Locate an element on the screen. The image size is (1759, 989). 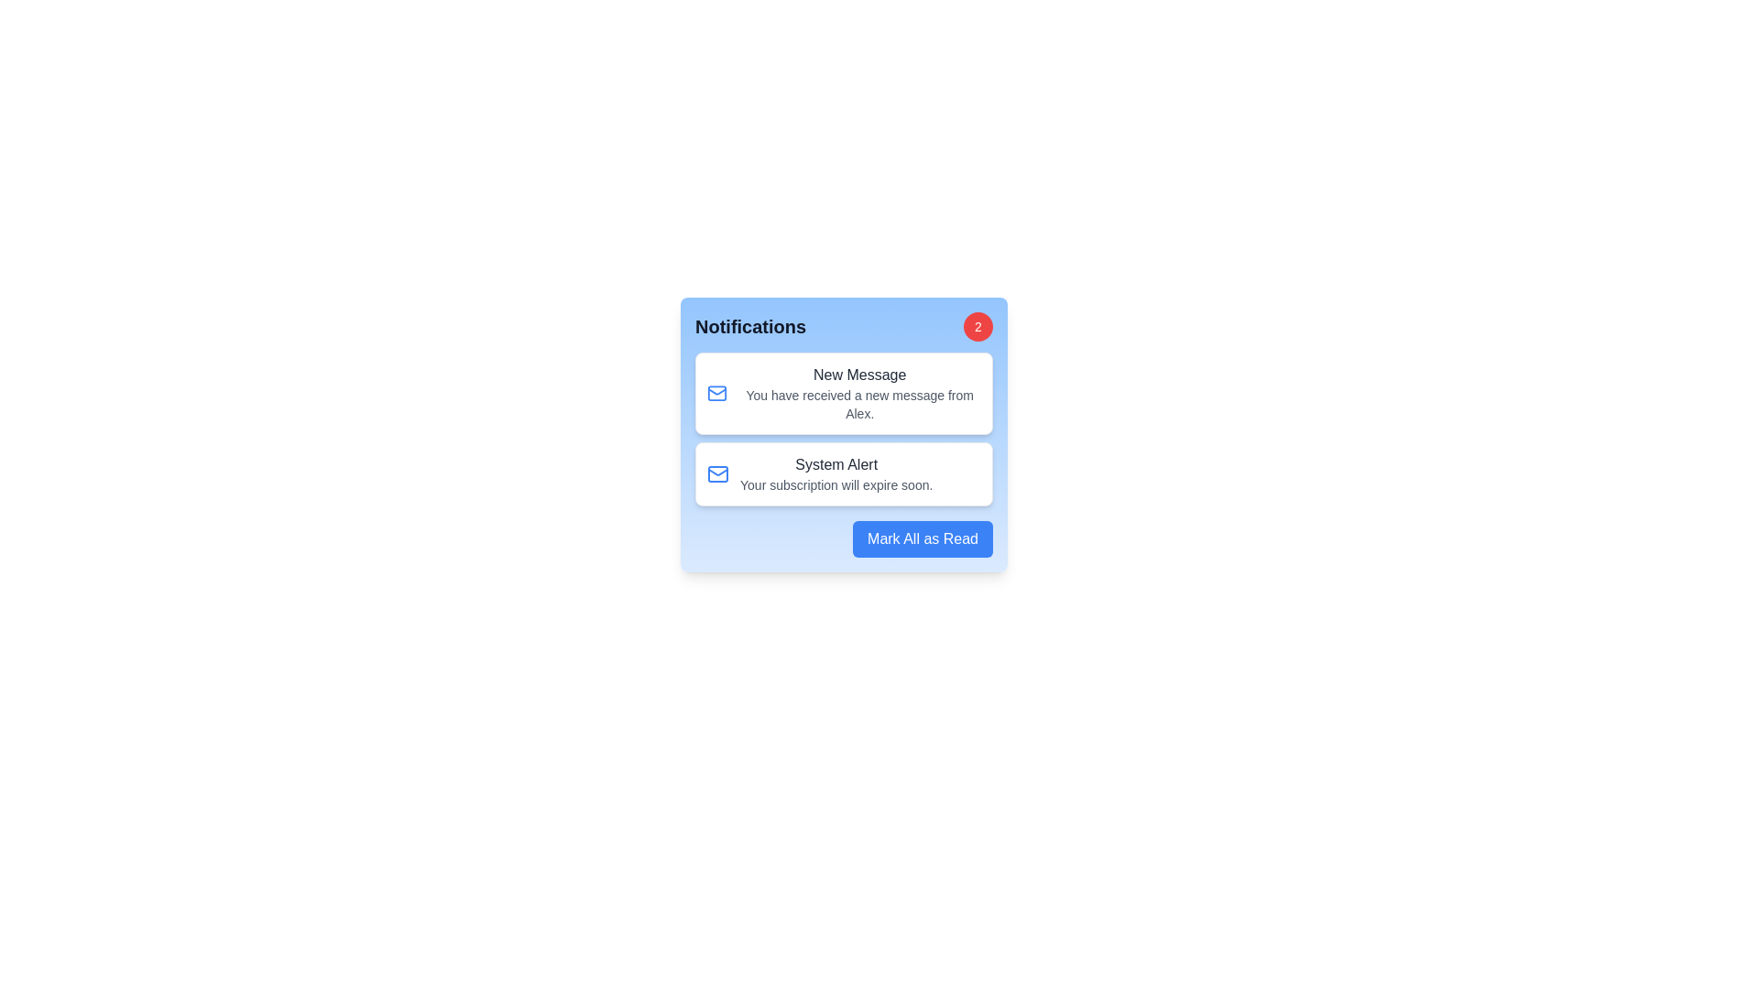
the Notification Badge, a circular red badge with white text displaying '2', located in the top-right corner of the notification panel header, to count notifications is located at coordinates (978, 326).